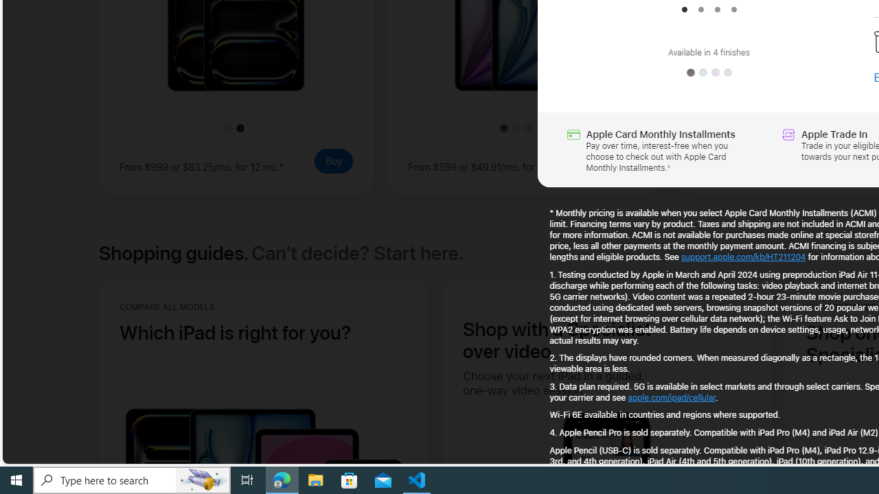 The image size is (879, 494). Describe the element at coordinates (716, 10) in the screenshot. I see `'Item 3'` at that location.